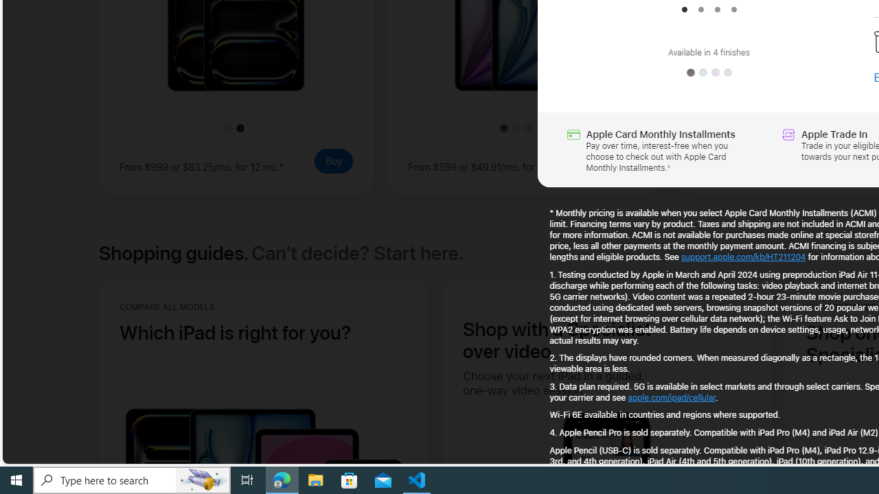 The image size is (879, 494). Describe the element at coordinates (716, 10) in the screenshot. I see `'Item 3'` at that location.